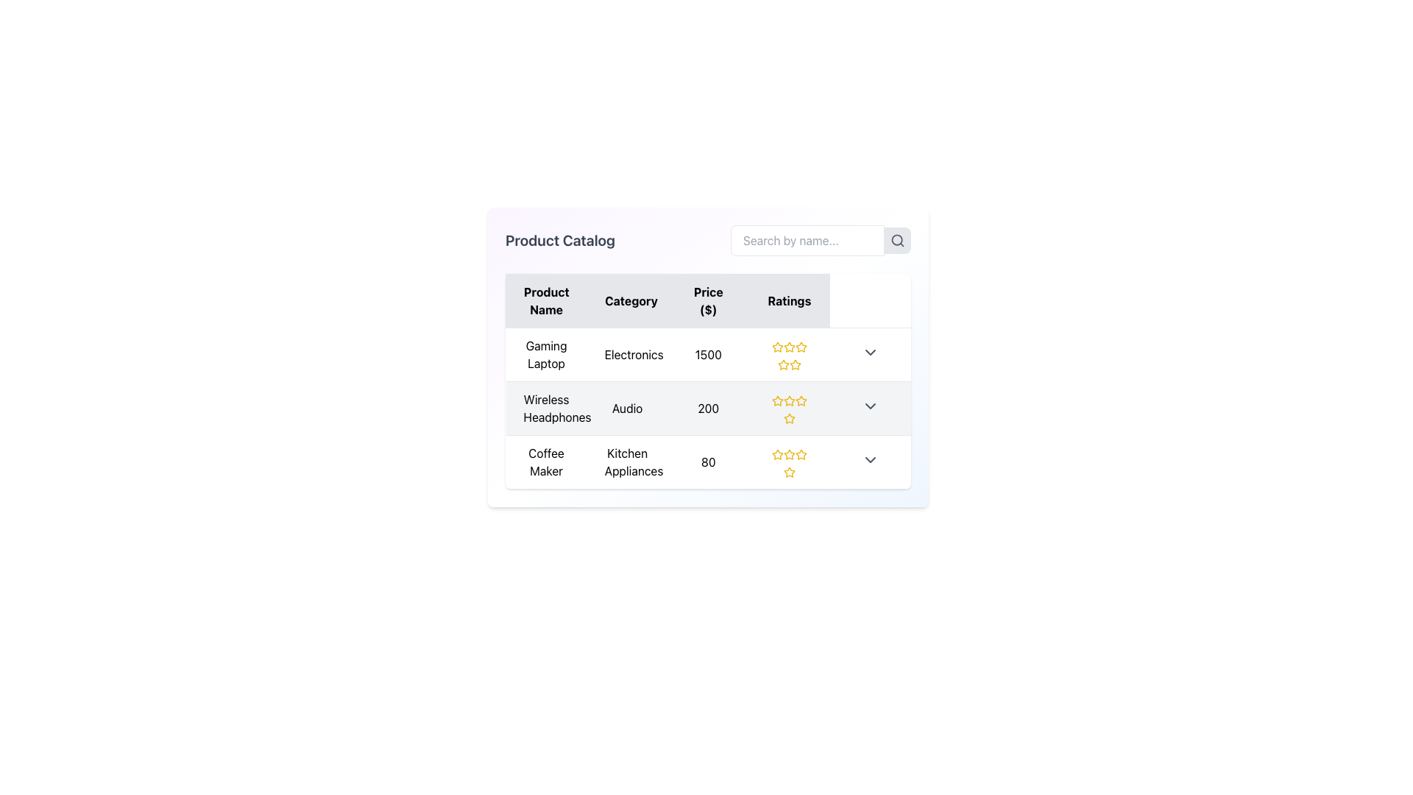  Describe the element at coordinates (800, 400) in the screenshot. I see `the second star-shaped yellow icon in the 'Wireless Headphones' row under the 'Ratings' column of the product catalog table` at that location.